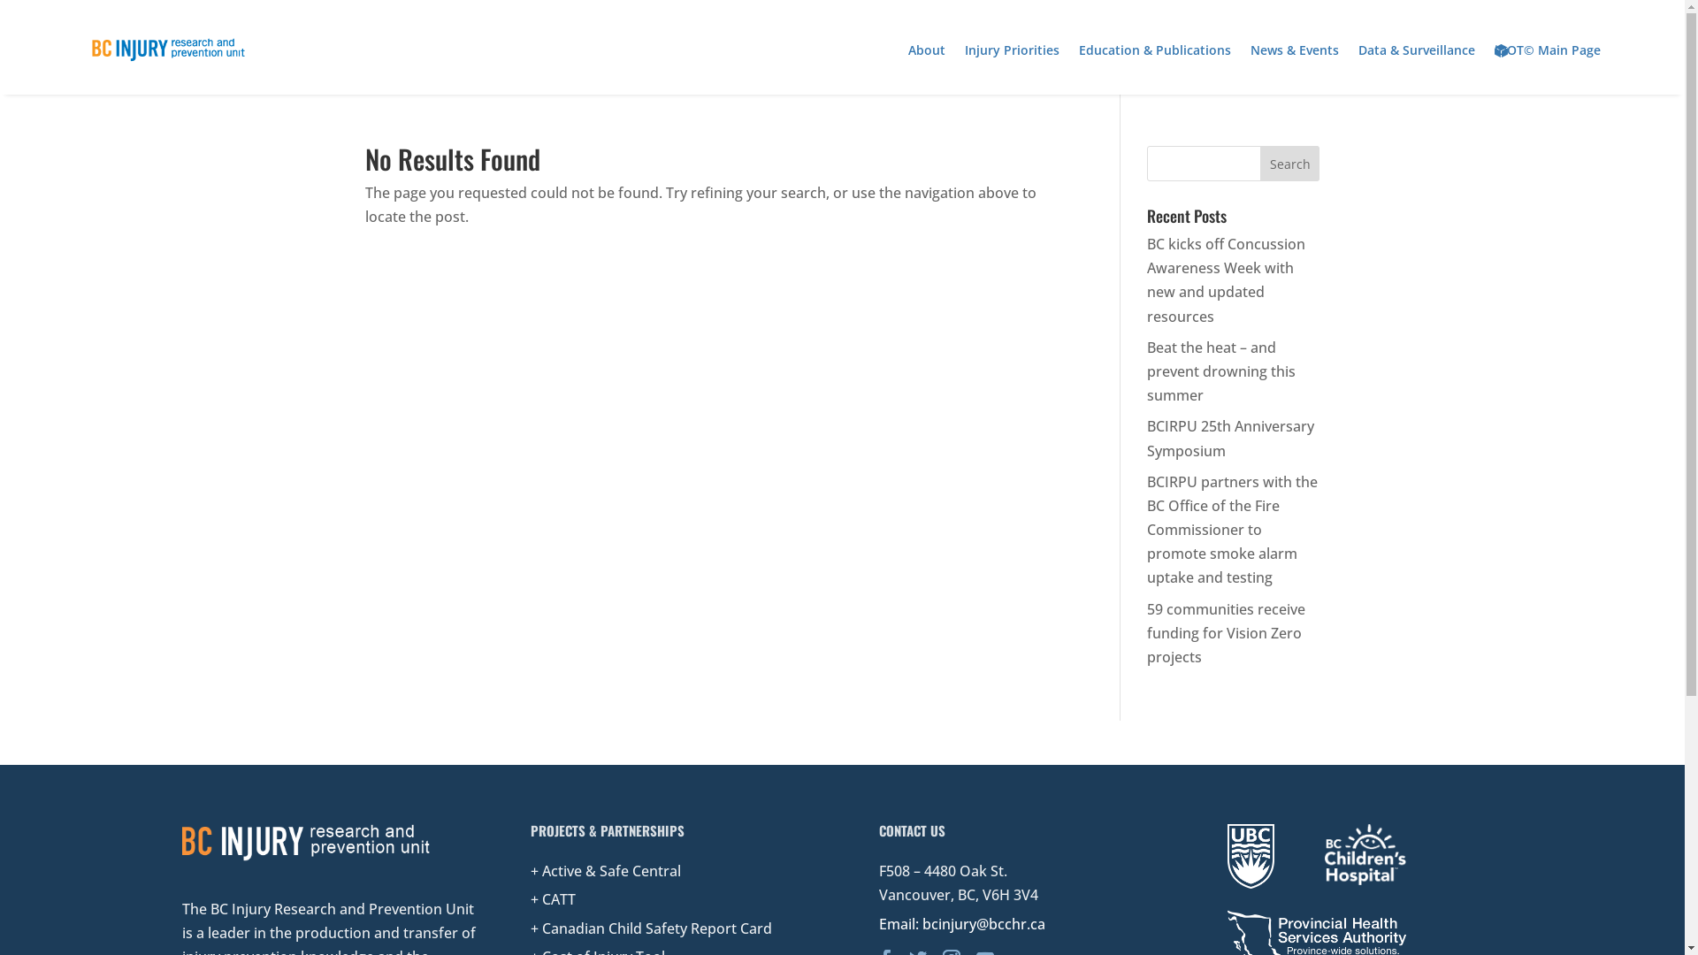 The width and height of the screenshot is (1698, 955). I want to click on 'bcirpu_white_orange', so click(306, 841).